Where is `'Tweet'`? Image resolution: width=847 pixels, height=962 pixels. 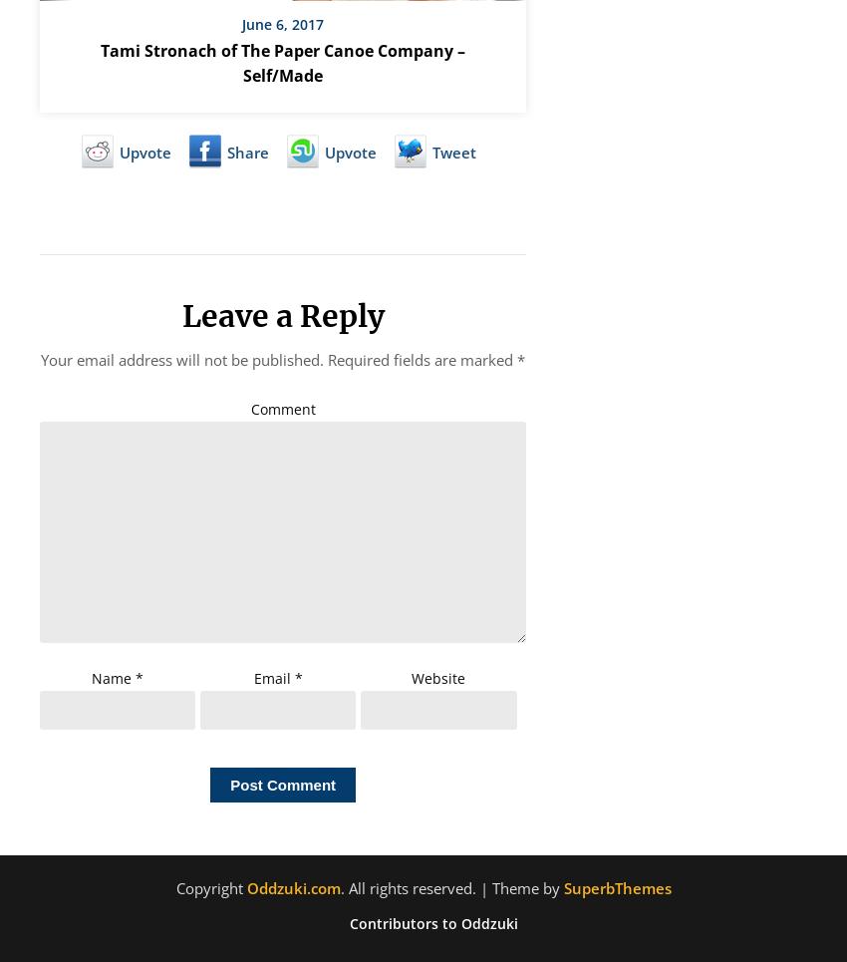
'Tweet' is located at coordinates (453, 151).